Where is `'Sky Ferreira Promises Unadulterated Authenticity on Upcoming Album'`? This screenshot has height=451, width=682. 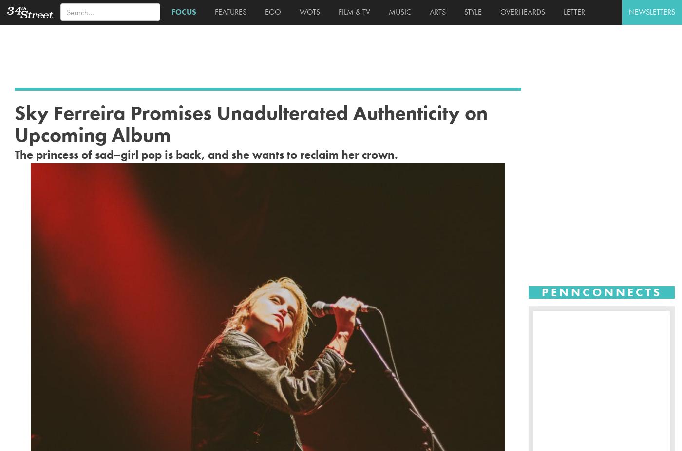 'Sky Ferreira Promises Unadulterated Authenticity on Upcoming Album' is located at coordinates (251, 123).